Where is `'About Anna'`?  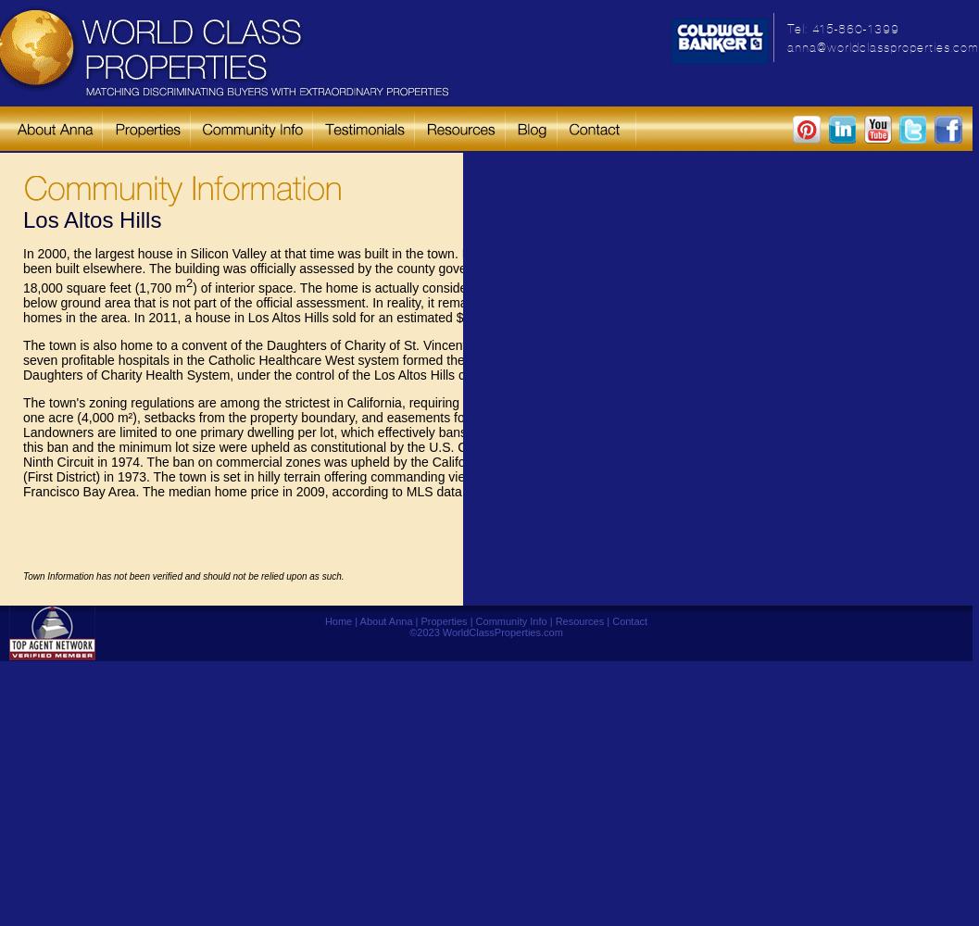
'About Anna' is located at coordinates (384, 620).